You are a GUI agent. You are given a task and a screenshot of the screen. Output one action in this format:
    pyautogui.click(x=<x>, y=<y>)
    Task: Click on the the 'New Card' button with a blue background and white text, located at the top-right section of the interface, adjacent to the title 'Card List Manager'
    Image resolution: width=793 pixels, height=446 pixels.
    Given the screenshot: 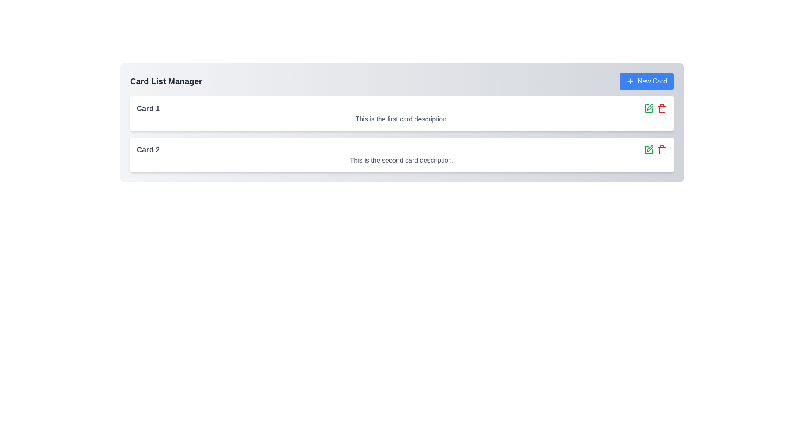 What is the action you would take?
    pyautogui.click(x=646, y=81)
    